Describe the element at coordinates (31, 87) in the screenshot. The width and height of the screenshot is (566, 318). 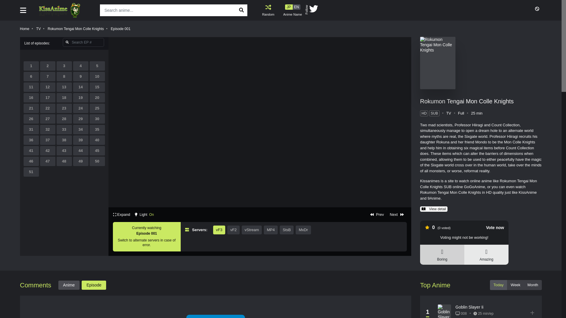
I see `'11'` at that location.